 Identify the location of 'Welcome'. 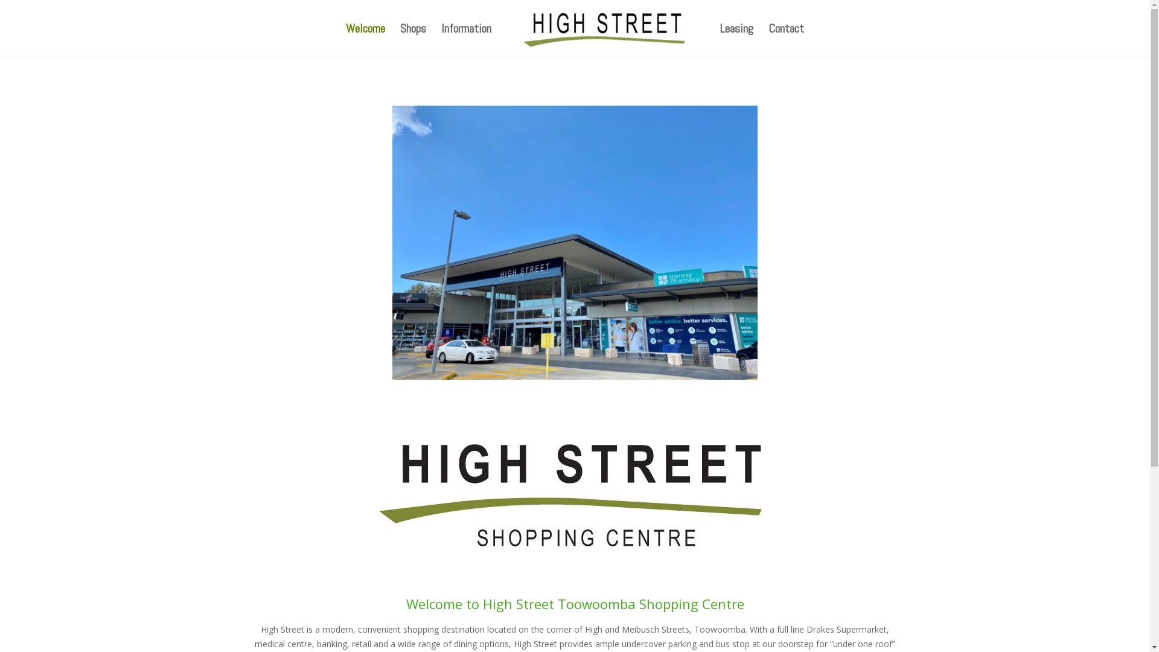
(365, 39).